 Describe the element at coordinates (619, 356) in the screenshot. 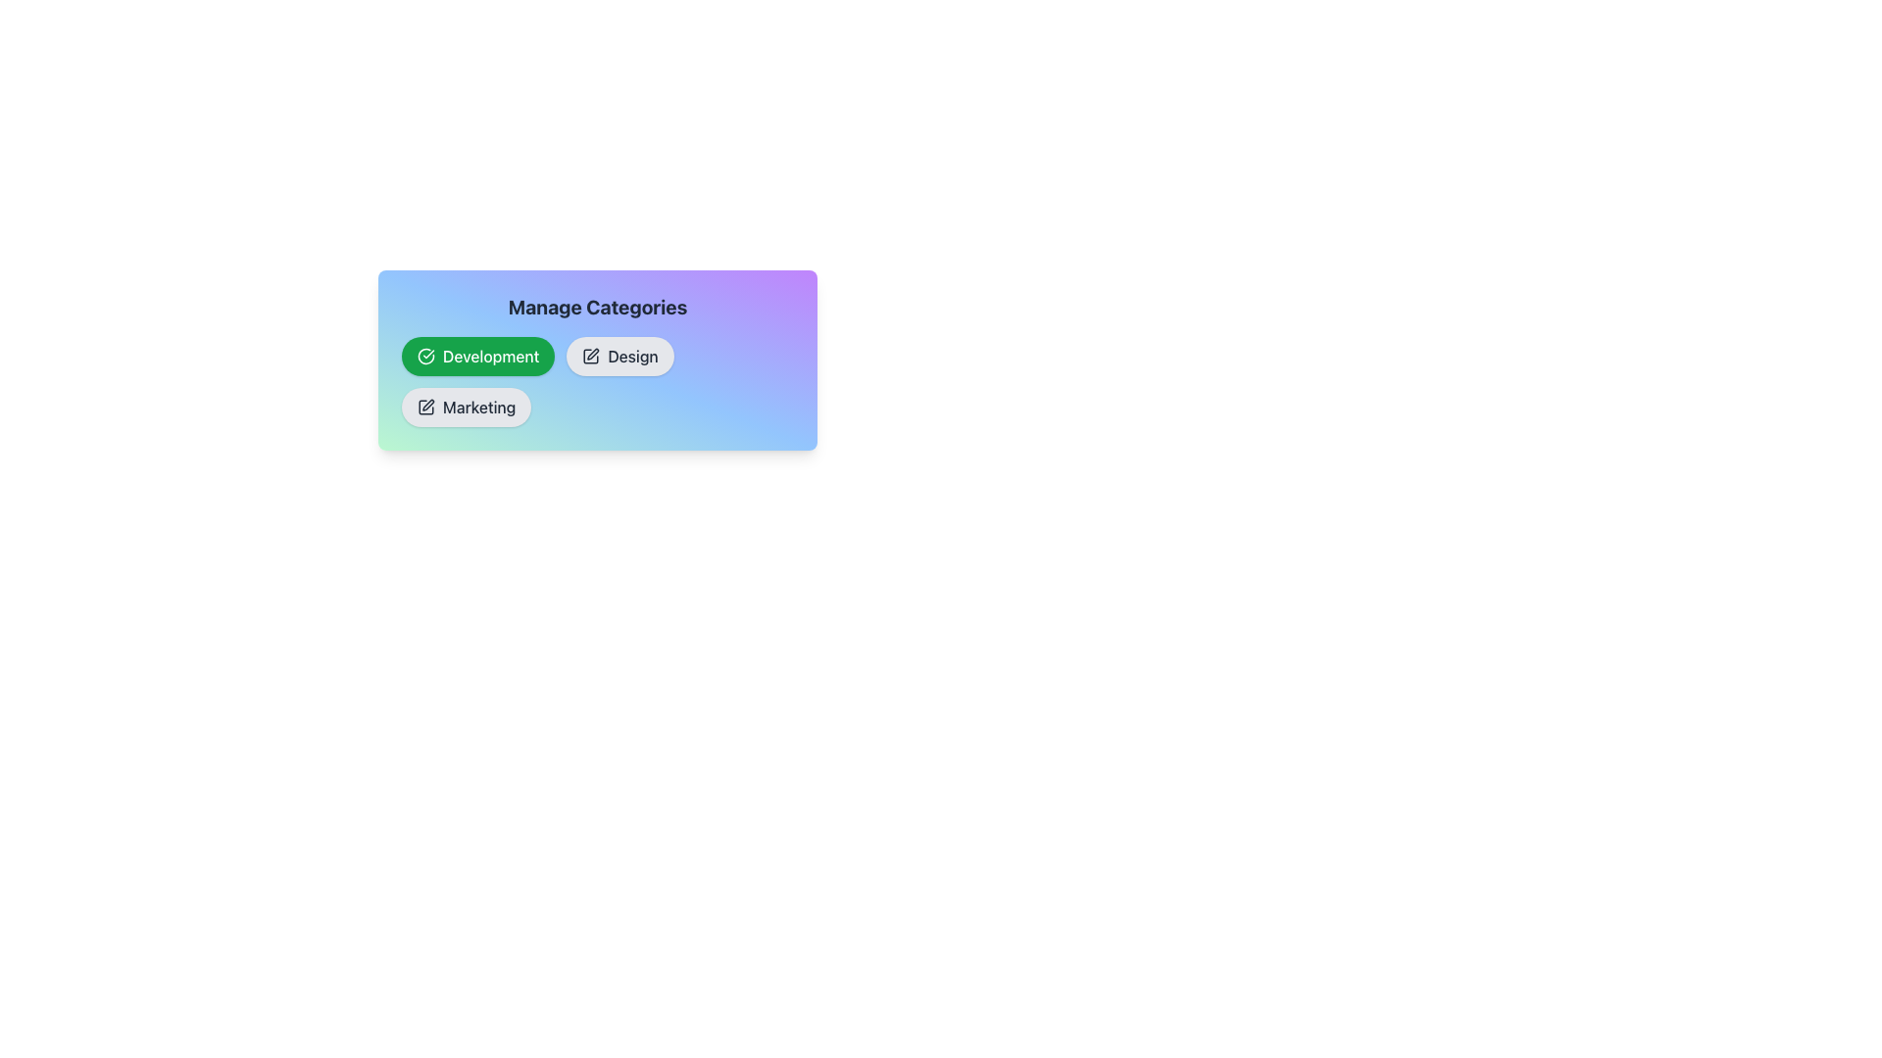

I see `the second interactive button for managing the 'Design' category, located within the 'Manage Categories' section, to provide visual feedback` at that location.